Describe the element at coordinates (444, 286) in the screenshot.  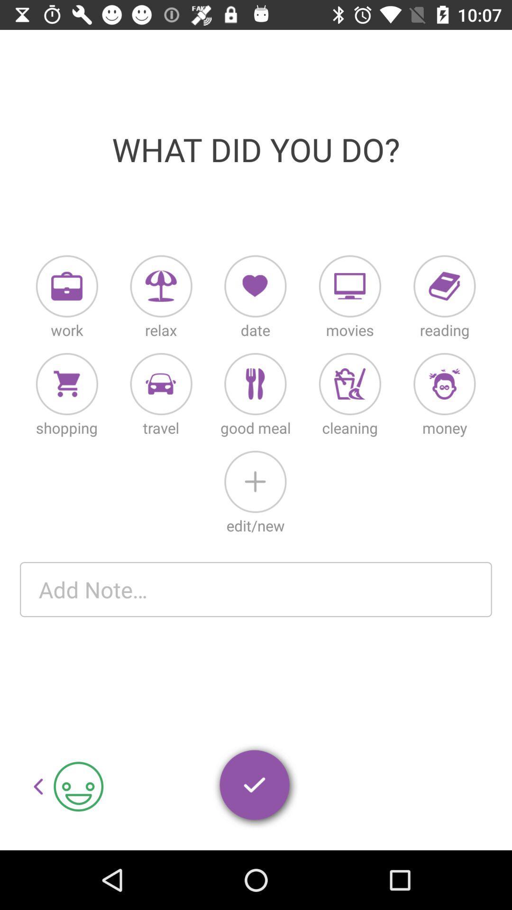
I see `reading diary entry` at that location.